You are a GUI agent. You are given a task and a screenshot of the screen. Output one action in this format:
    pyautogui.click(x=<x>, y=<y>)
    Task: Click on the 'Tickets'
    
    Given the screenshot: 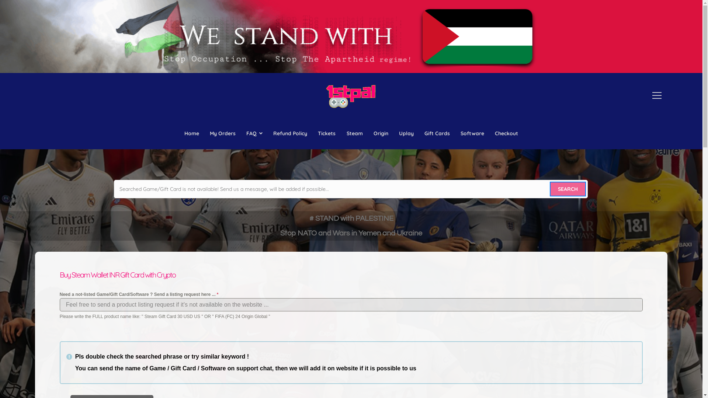 What is the action you would take?
    pyautogui.click(x=326, y=133)
    